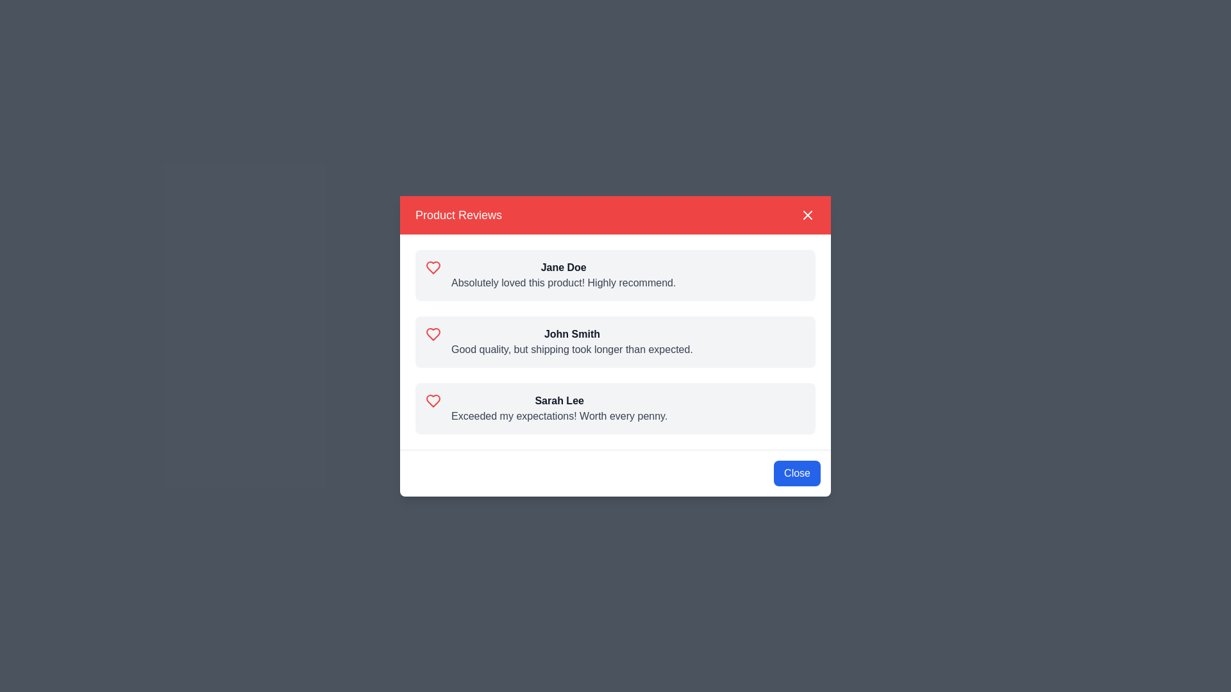  Describe the element at coordinates (796, 473) in the screenshot. I see `the 'Close' button in the footer to close the dialog` at that location.